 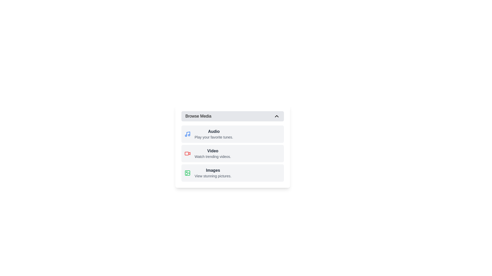 What do you see at coordinates (213, 151) in the screenshot?
I see `the 'Video' heading in the media browsing menu that is positioned between 'Audio' and 'Images'` at bounding box center [213, 151].